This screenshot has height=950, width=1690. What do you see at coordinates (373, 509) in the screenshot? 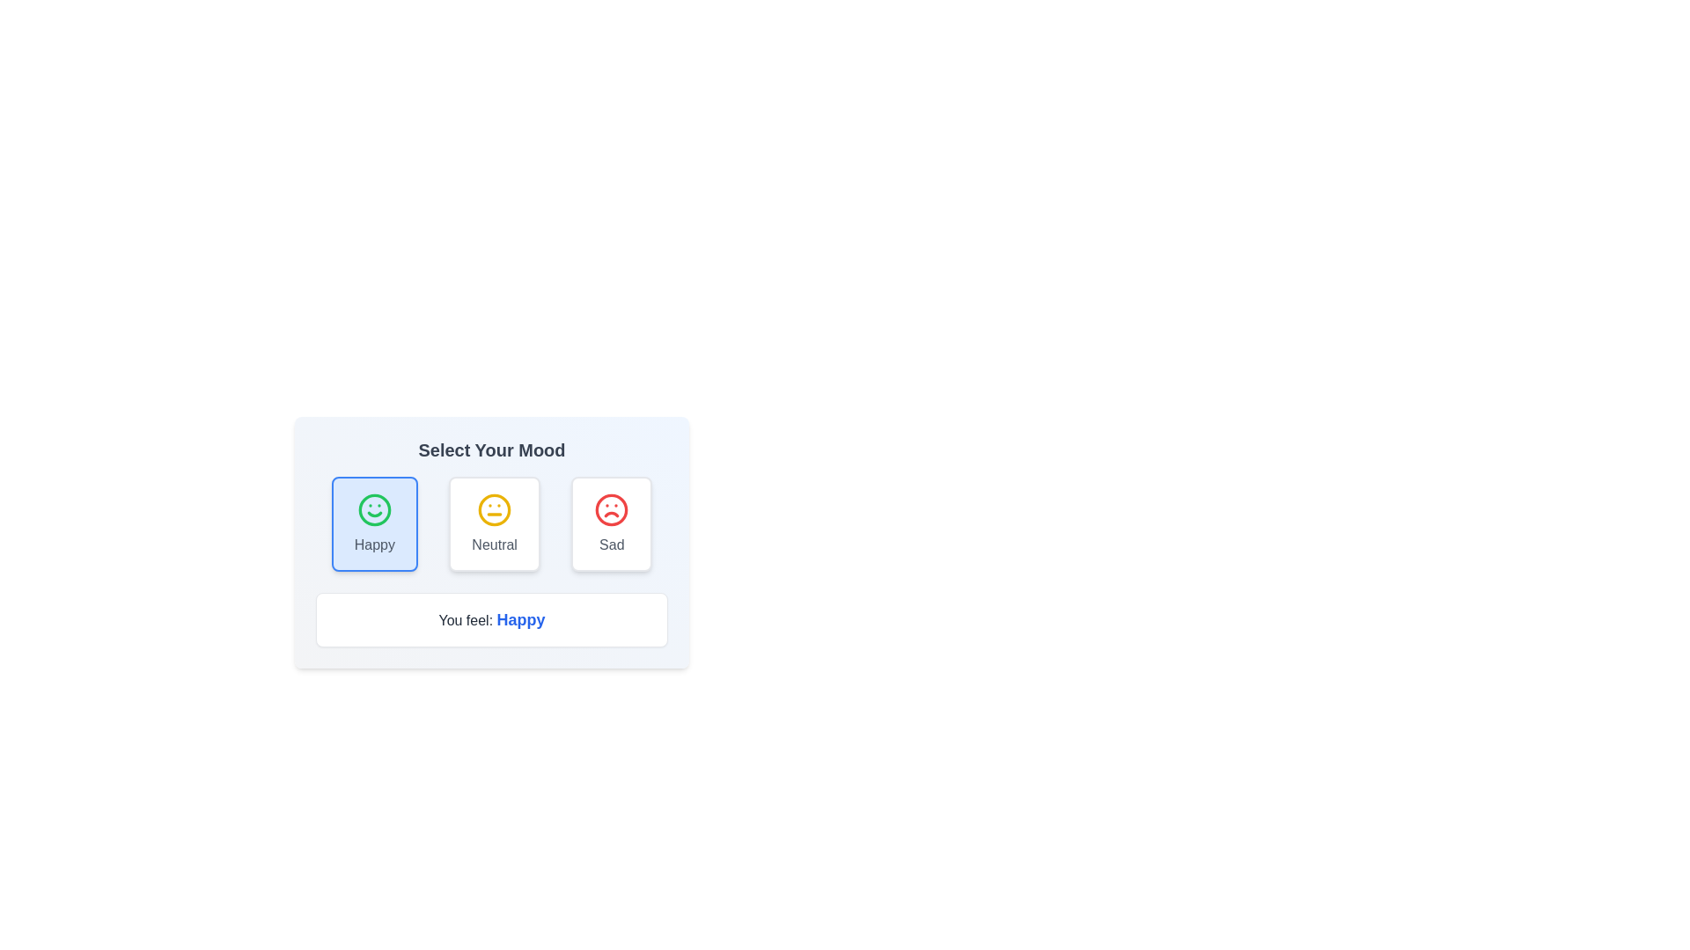
I see `the green circular outline icon representing a happy face in the mood selection options labeled 'Select Your Mood.'` at bounding box center [373, 509].